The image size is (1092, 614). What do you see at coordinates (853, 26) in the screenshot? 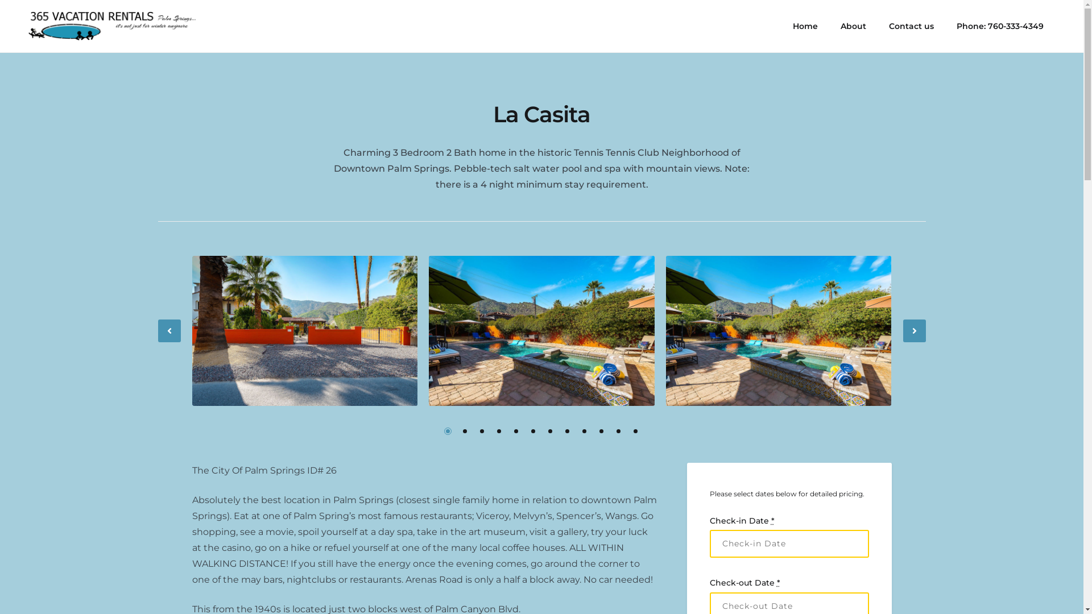
I see `'About'` at bounding box center [853, 26].